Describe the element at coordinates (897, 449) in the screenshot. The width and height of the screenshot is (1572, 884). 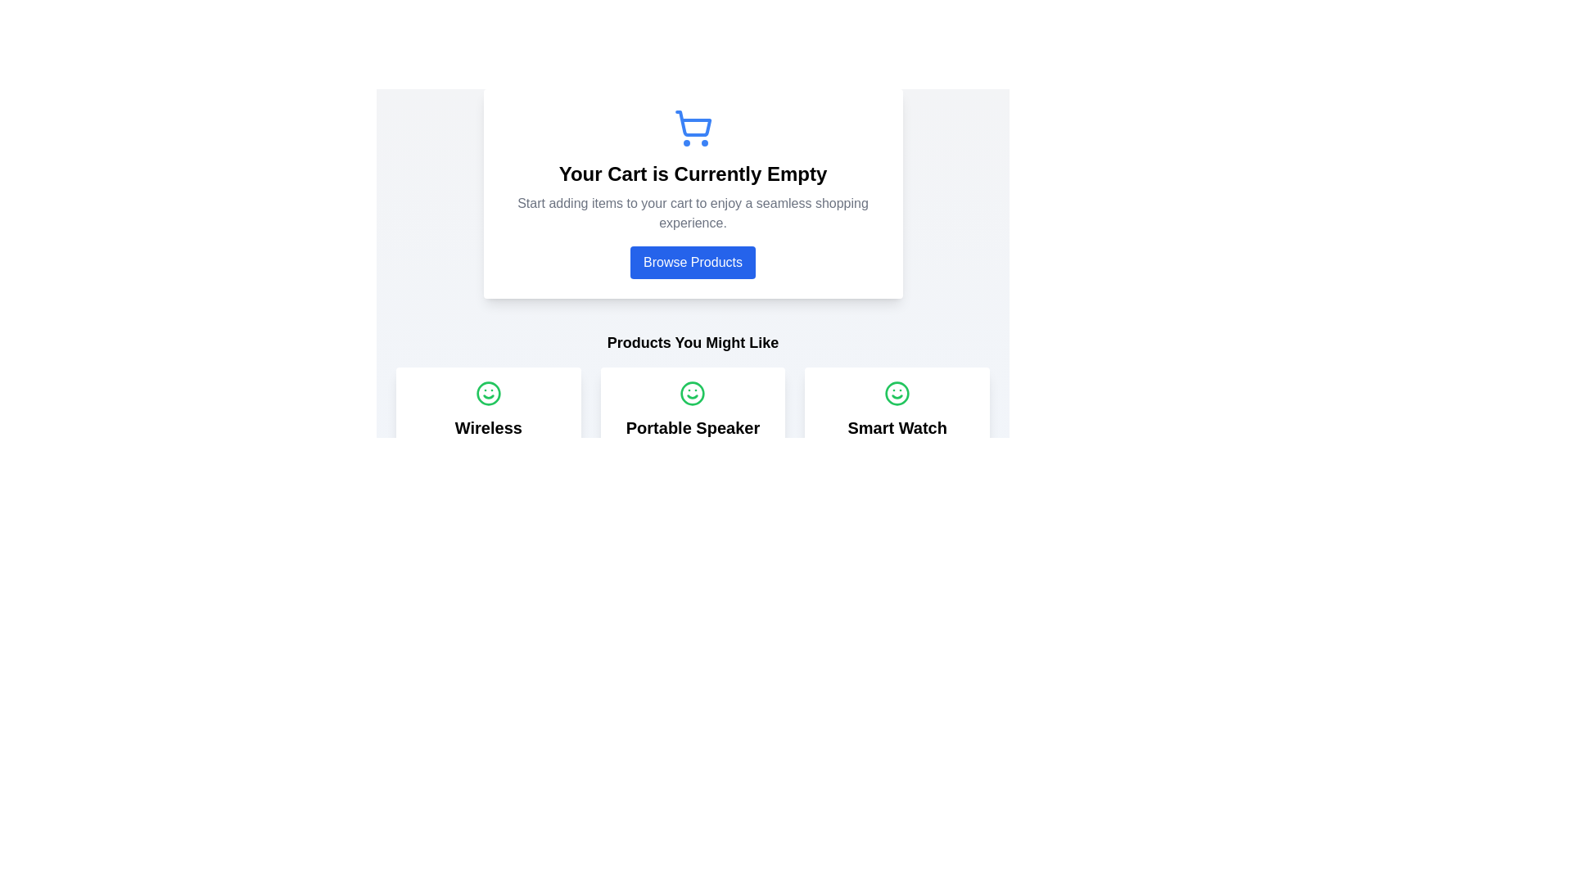
I see `the price tag displaying '$119.99' below the 'Smart Watch' title in the product card` at that location.